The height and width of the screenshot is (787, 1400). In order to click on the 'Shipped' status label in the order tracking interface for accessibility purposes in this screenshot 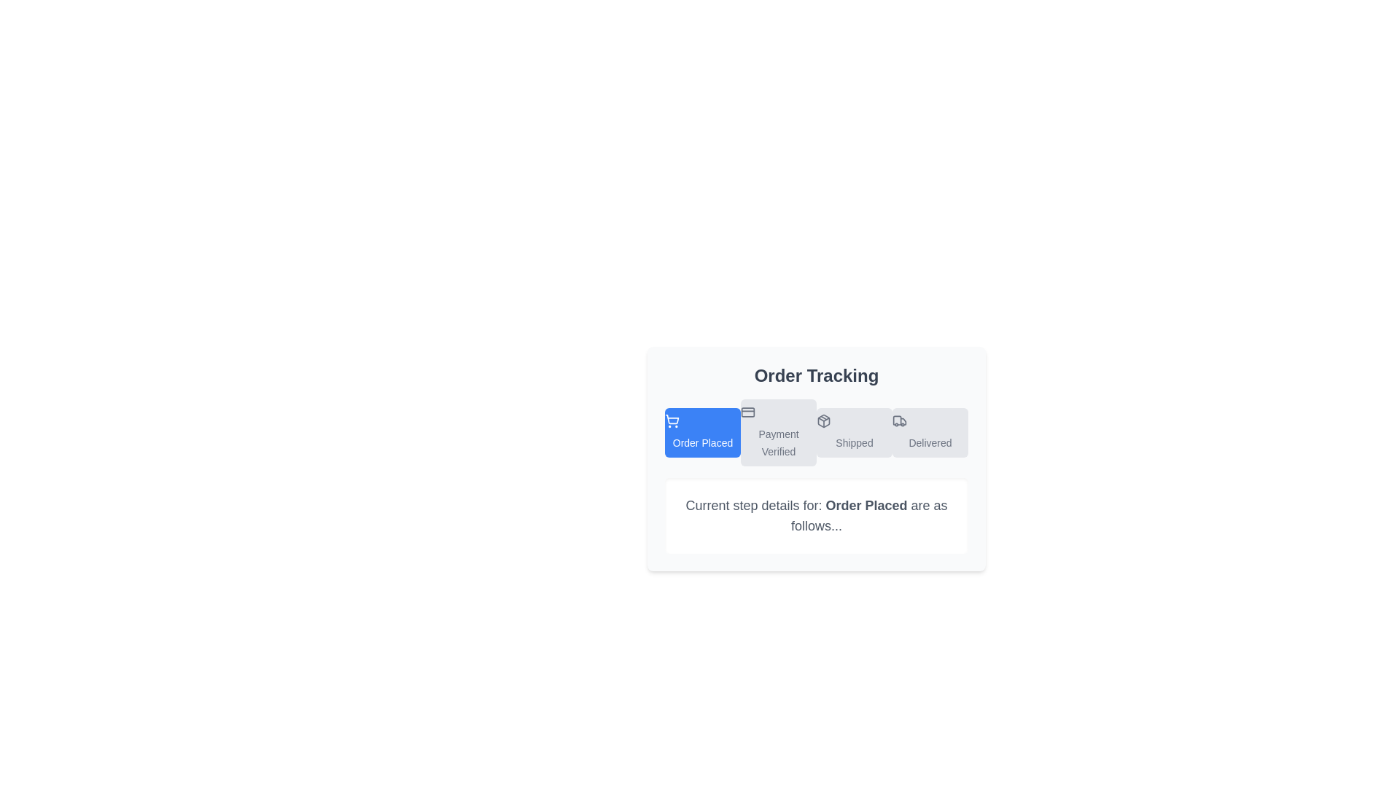, I will do `click(854, 442)`.